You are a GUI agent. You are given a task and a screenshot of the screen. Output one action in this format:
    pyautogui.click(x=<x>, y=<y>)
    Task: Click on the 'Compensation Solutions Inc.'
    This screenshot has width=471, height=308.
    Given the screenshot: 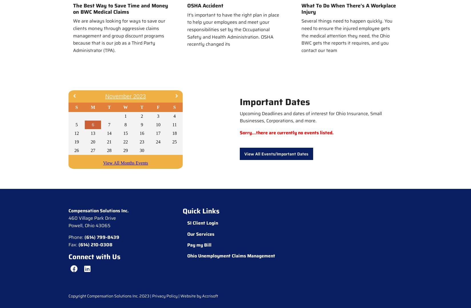 What is the action you would take?
    pyautogui.click(x=98, y=211)
    